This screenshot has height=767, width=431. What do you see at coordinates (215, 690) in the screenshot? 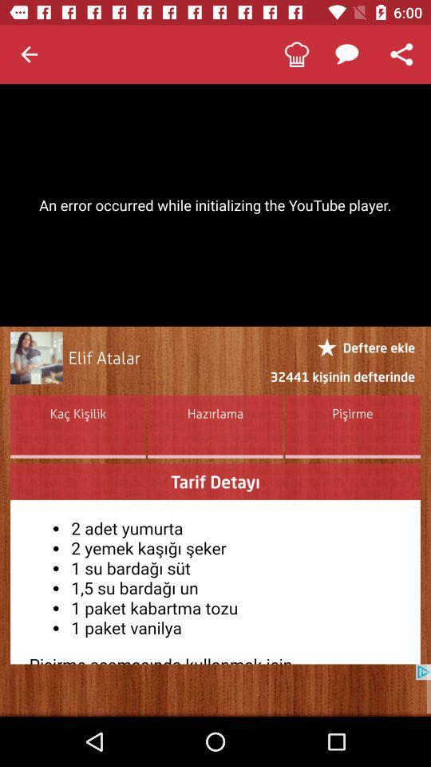
I see `blank advertisement from google` at bounding box center [215, 690].